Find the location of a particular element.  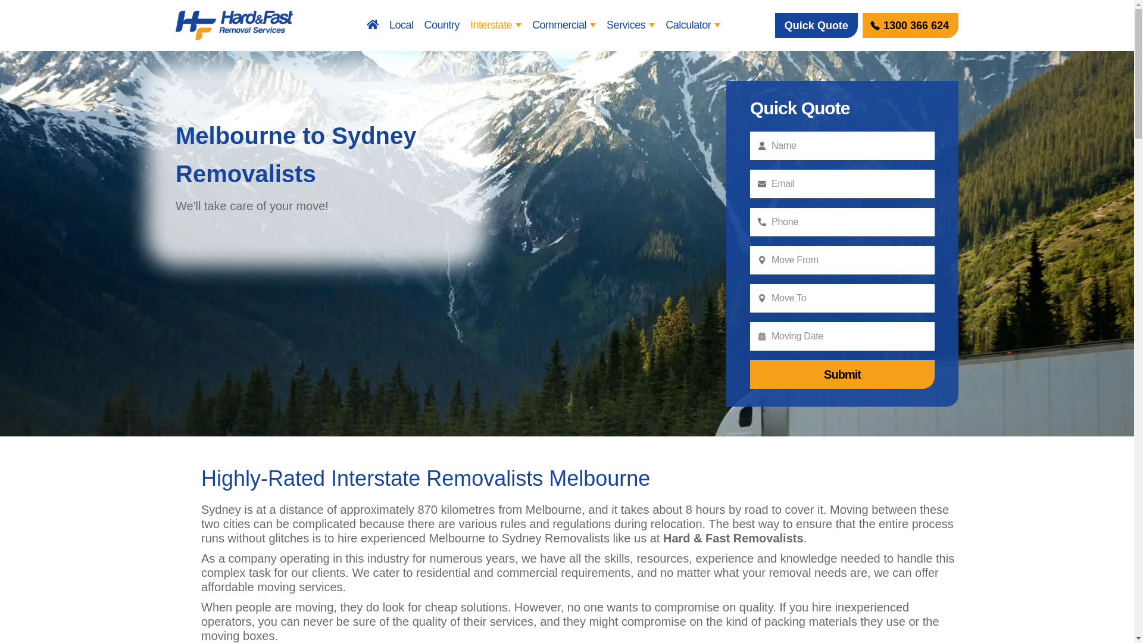

'1300 366 624' is located at coordinates (910, 25).